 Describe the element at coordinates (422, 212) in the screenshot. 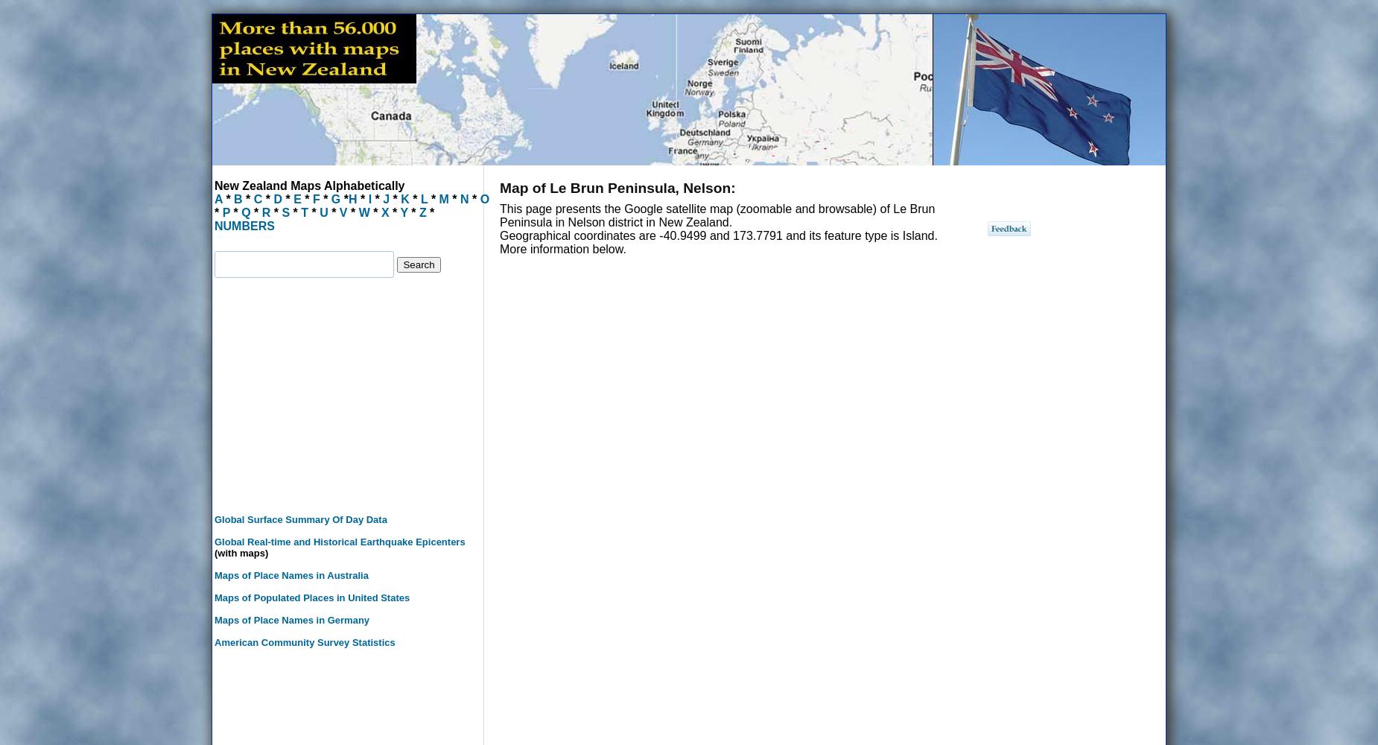

I see `'Z'` at that location.